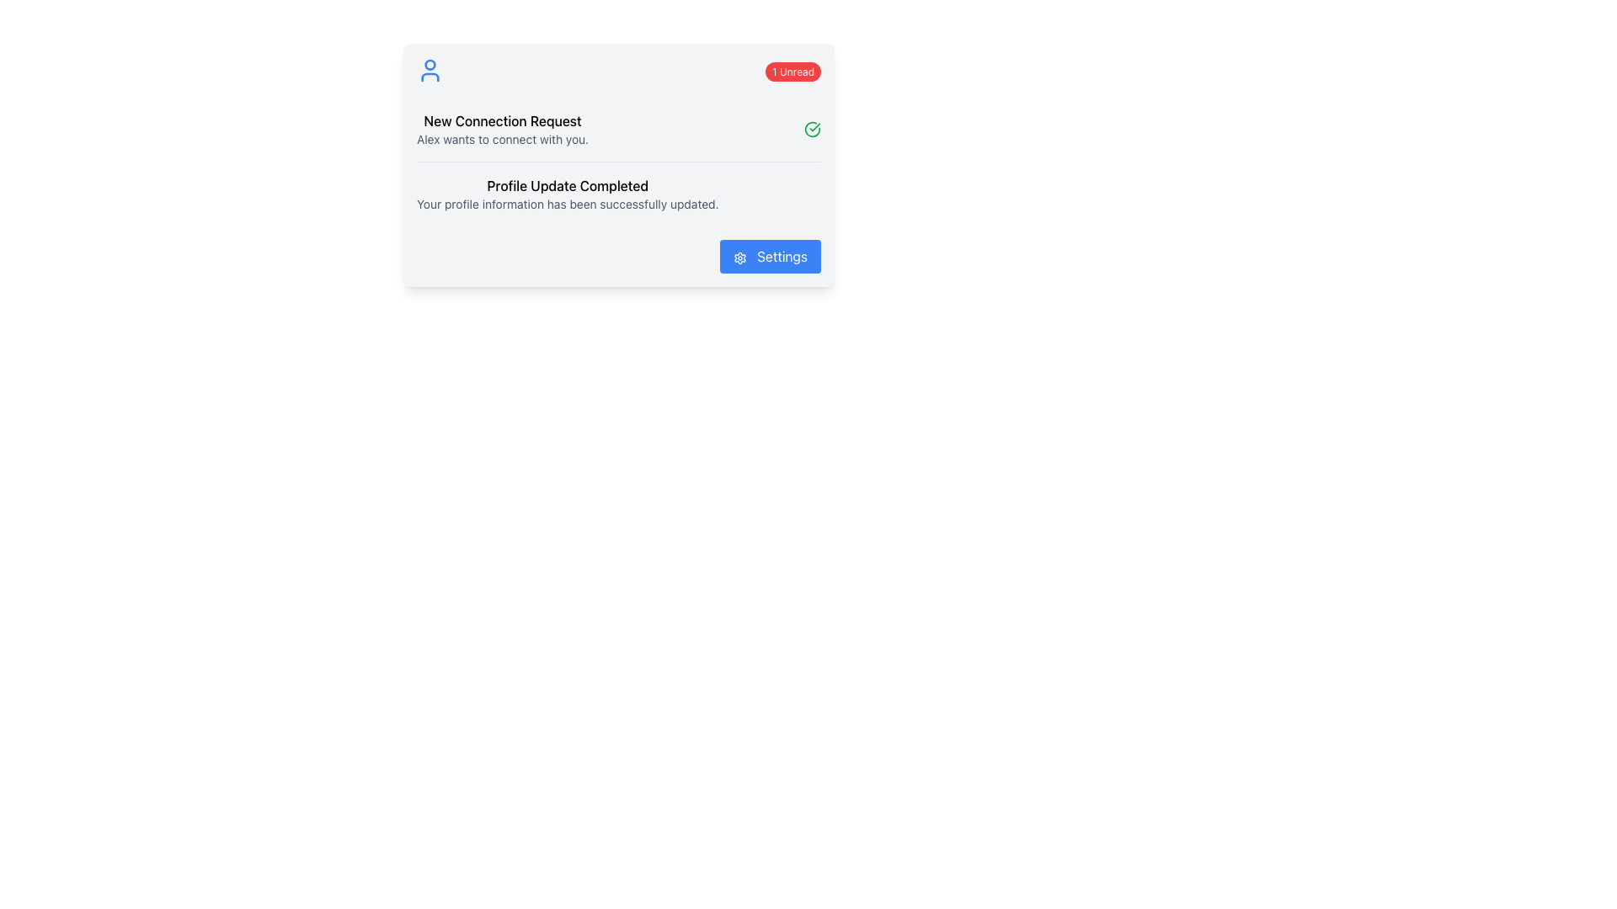  I want to click on the Notification Badge located in the top-right corner of the card, above the 'New Connection Request' text, so click(792, 71).